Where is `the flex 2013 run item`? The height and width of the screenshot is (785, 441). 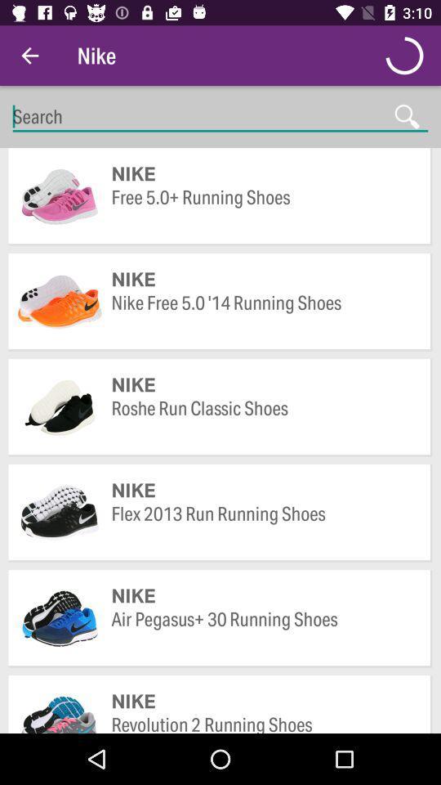
the flex 2013 run item is located at coordinates (263, 525).